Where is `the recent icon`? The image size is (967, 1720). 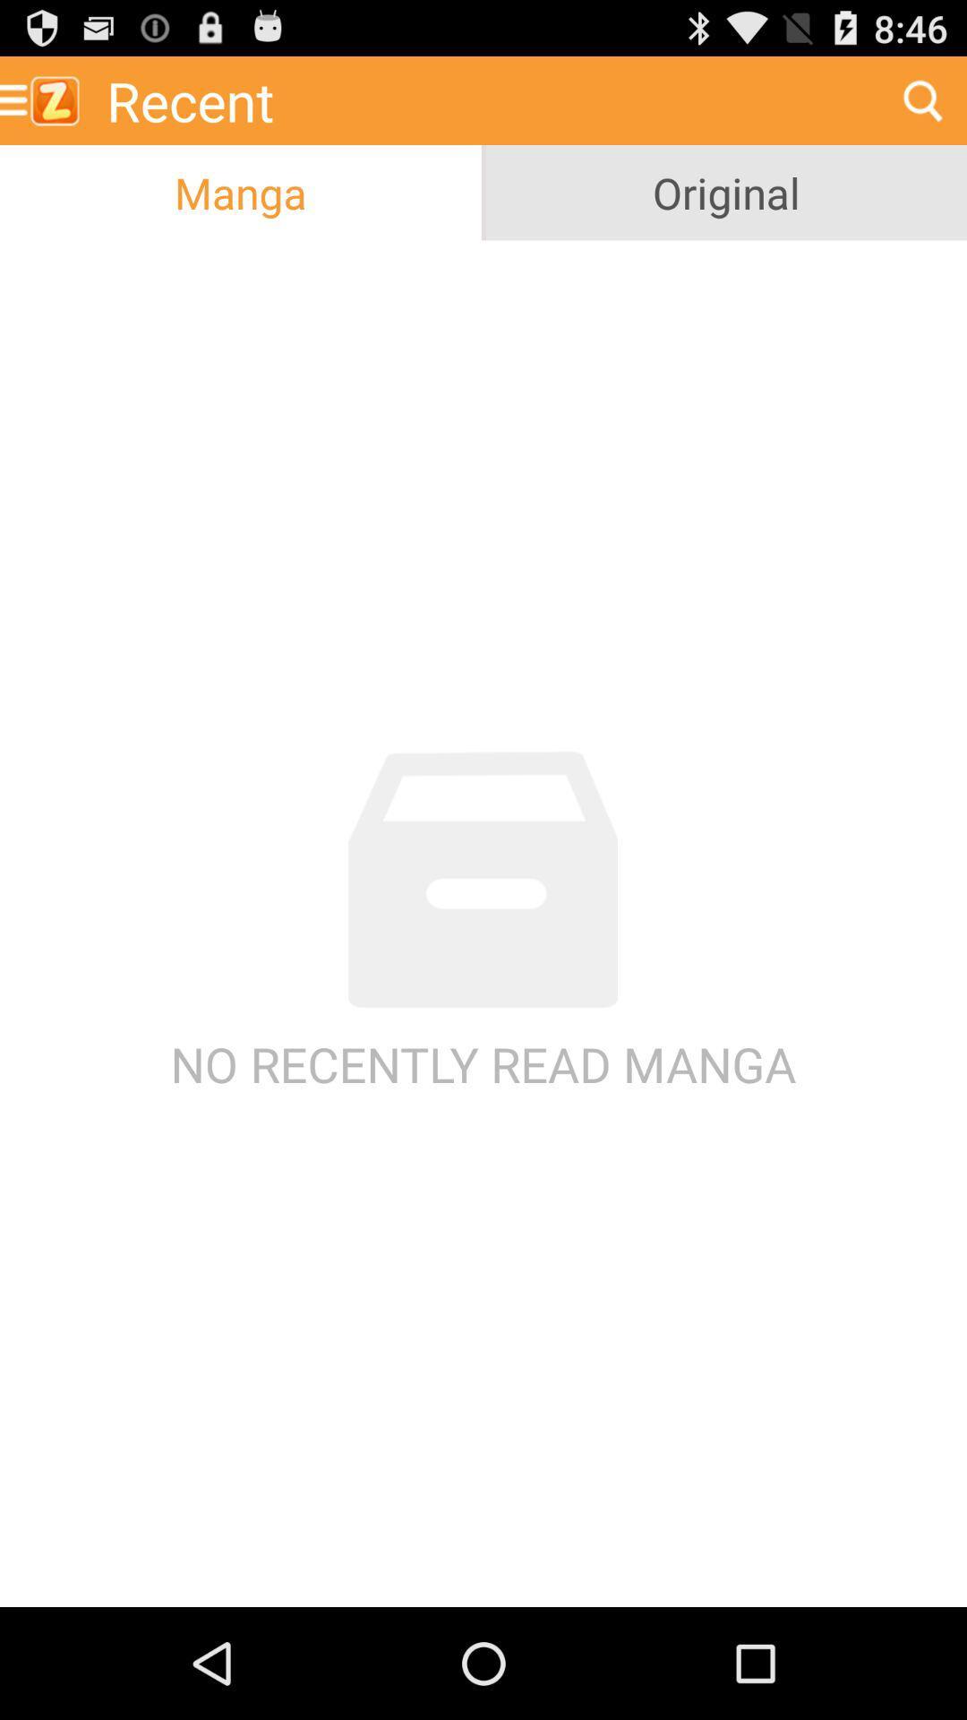 the recent icon is located at coordinates (486, 99).